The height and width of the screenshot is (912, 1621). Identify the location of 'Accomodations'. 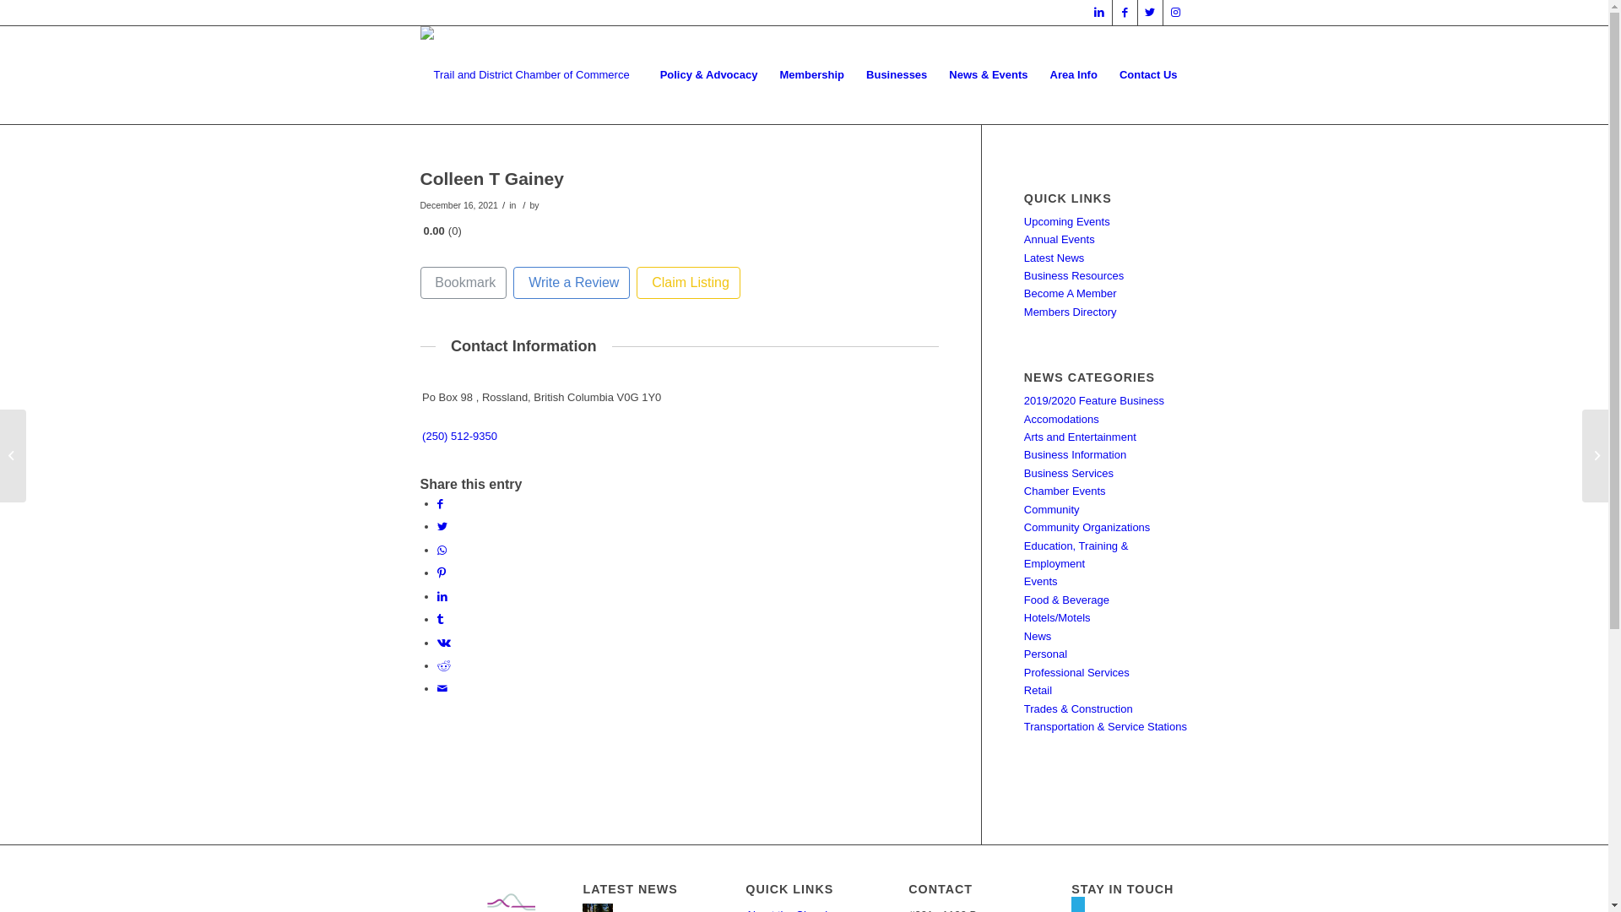
(1060, 418).